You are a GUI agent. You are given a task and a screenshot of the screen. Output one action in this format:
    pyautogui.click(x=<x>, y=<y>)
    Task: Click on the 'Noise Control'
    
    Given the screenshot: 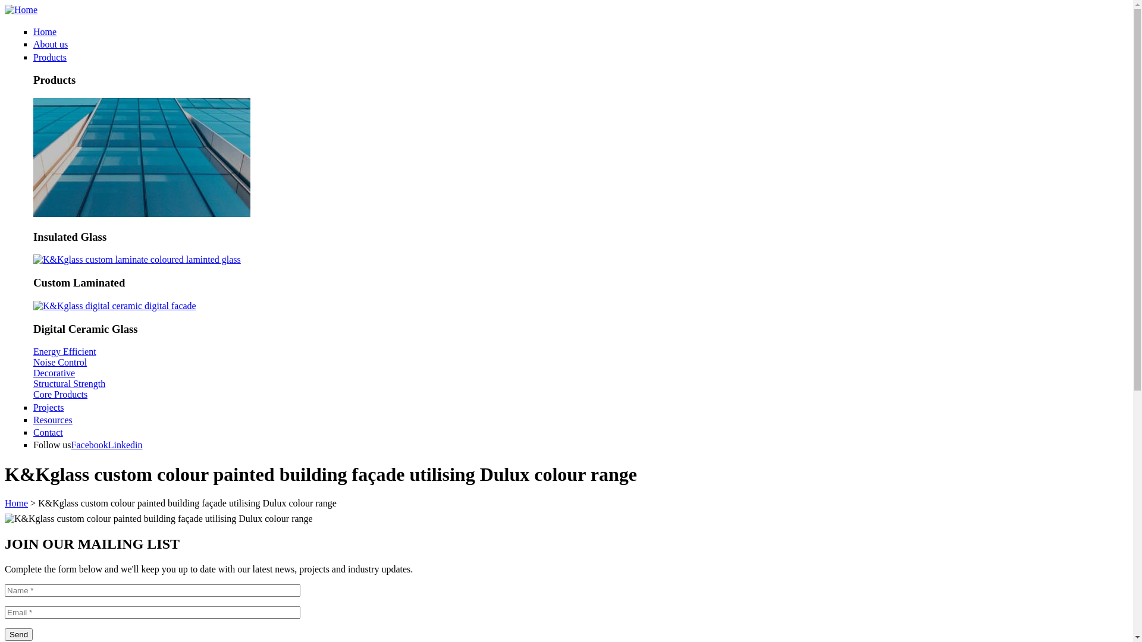 What is the action you would take?
    pyautogui.click(x=33, y=361)
    